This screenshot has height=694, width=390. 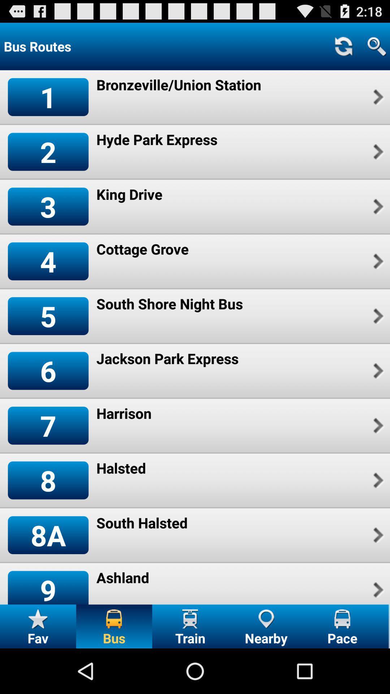 I want to click on icon to the right of the jackson park express item, so click(x=377, y=371).